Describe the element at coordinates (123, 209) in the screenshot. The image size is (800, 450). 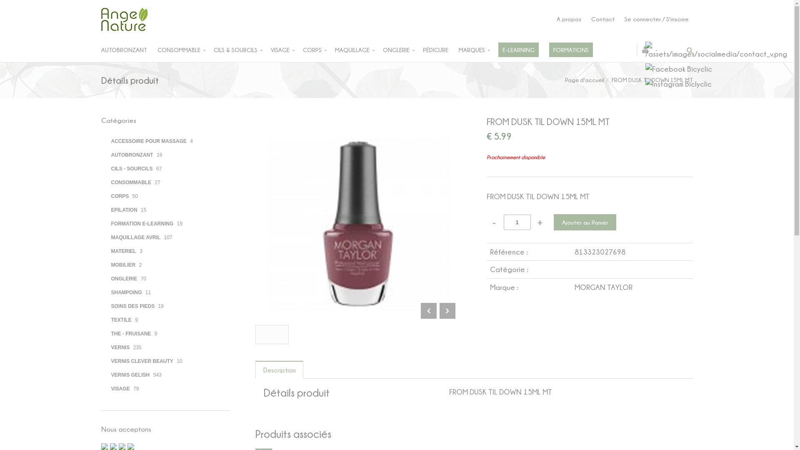
I see `'EPILATION'` at that location.